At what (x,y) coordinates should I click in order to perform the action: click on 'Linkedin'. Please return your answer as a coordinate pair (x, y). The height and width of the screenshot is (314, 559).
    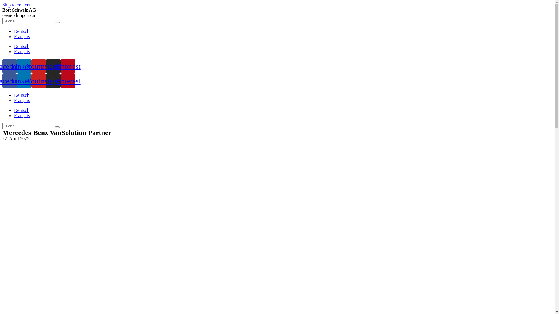
    Looking at the image, I should click on (17, 66).